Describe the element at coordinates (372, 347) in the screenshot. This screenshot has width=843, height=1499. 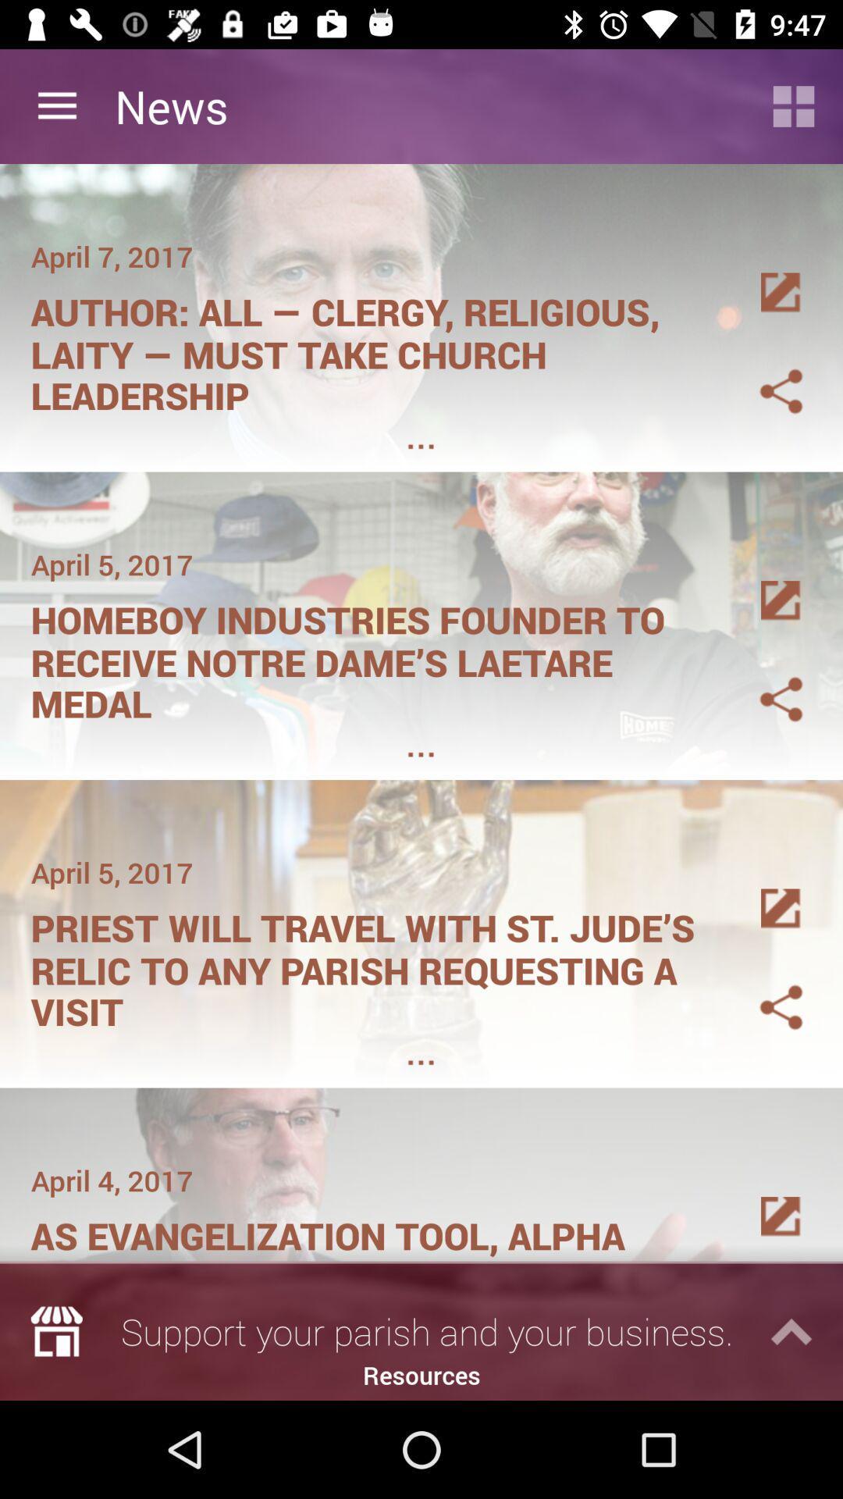
I see `item below april 7, 2017` at that location.